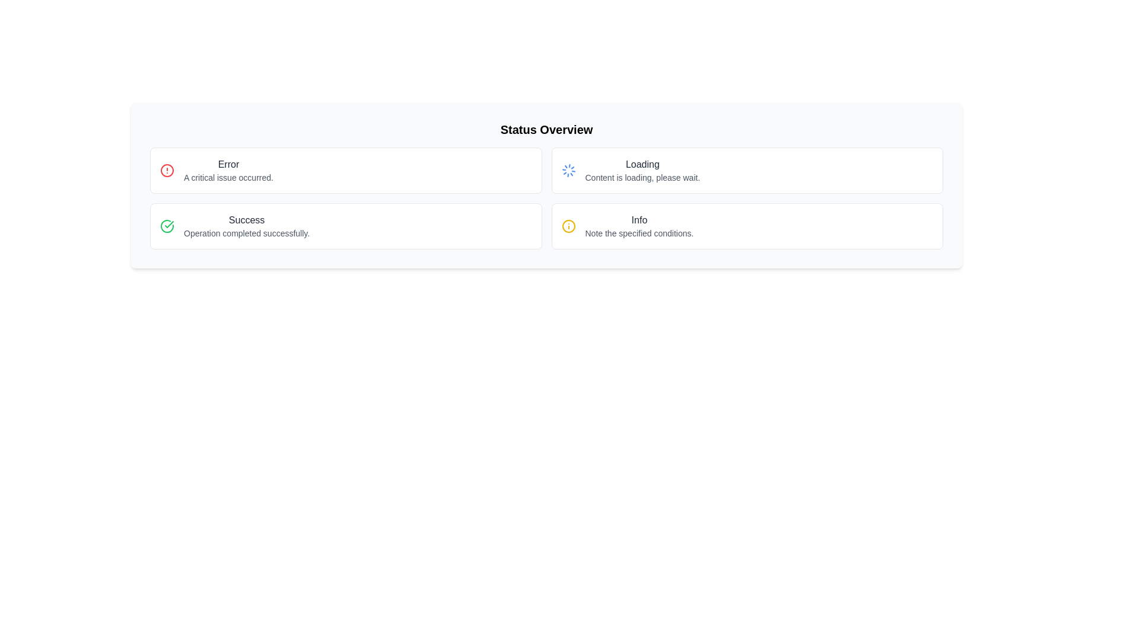 Image resolution: width=1139 pixels, height=640 pixels. I want to click on the error or warning icon located in the top-left corner of the grid layout, directly above the 'Error' label, so click(167, 171).